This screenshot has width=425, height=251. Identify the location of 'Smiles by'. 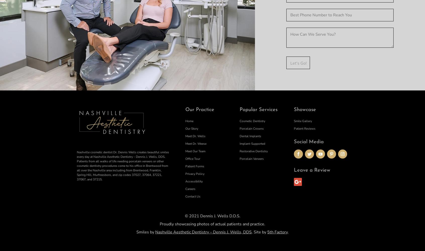
(145, 232).